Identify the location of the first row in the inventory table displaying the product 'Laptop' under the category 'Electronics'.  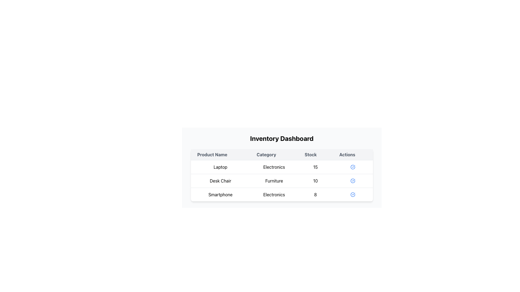
(282, 167).